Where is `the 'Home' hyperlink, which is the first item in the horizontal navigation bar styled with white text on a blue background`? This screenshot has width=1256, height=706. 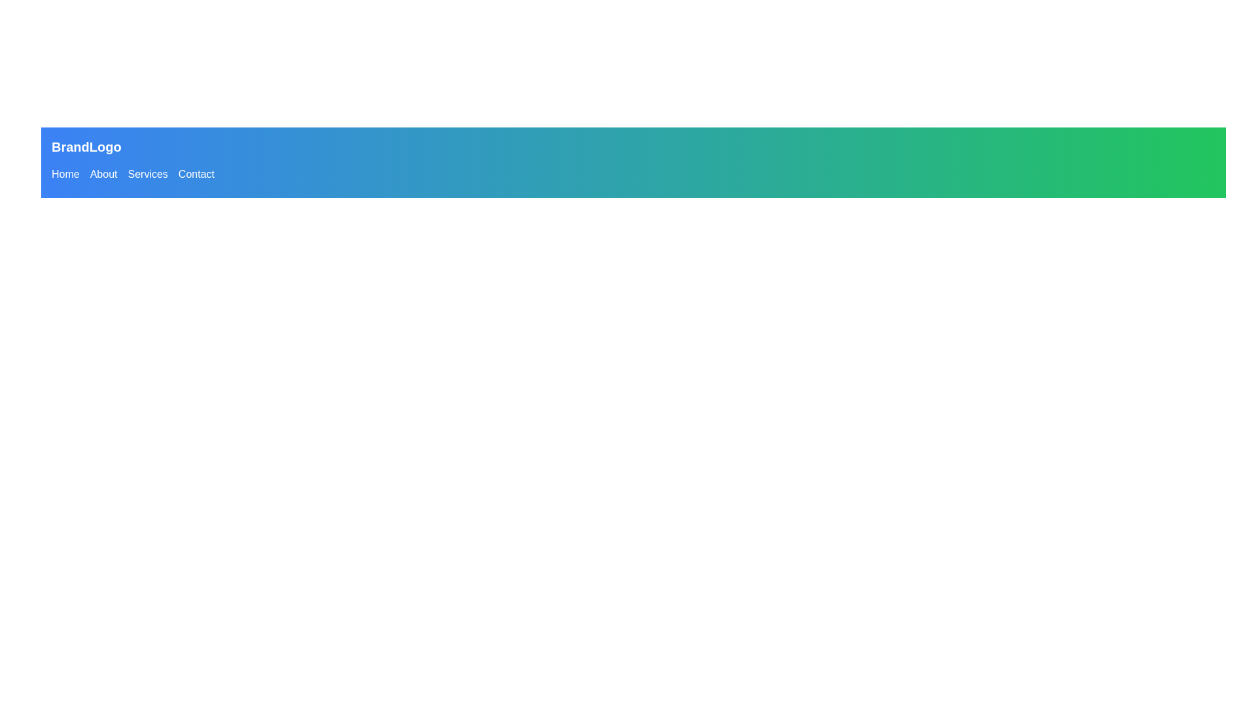 the 'Home' hyperlink, which is the first item in the horizontal navigation bar styled with white text on a blue background is located at coordinates (65, 173).